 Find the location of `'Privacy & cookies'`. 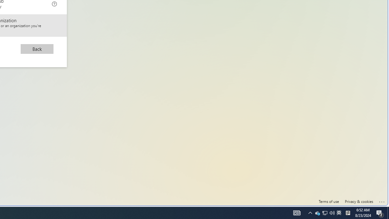

'Privacy & cookies' is located at coordinates (359, 201).